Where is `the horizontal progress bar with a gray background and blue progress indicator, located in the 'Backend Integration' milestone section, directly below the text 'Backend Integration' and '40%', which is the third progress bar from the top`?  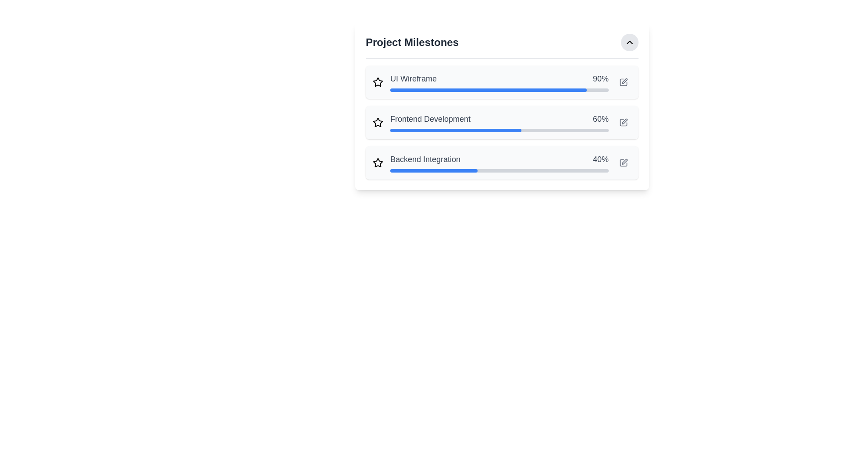
the horizontal progress bar with a gray background and blue progress indicator, located in the 'Backend Integration' milestone section, directly below the text 'Backend Integration' and '40%', which is the third progress bar from the top is located at coordinates (499, 170).